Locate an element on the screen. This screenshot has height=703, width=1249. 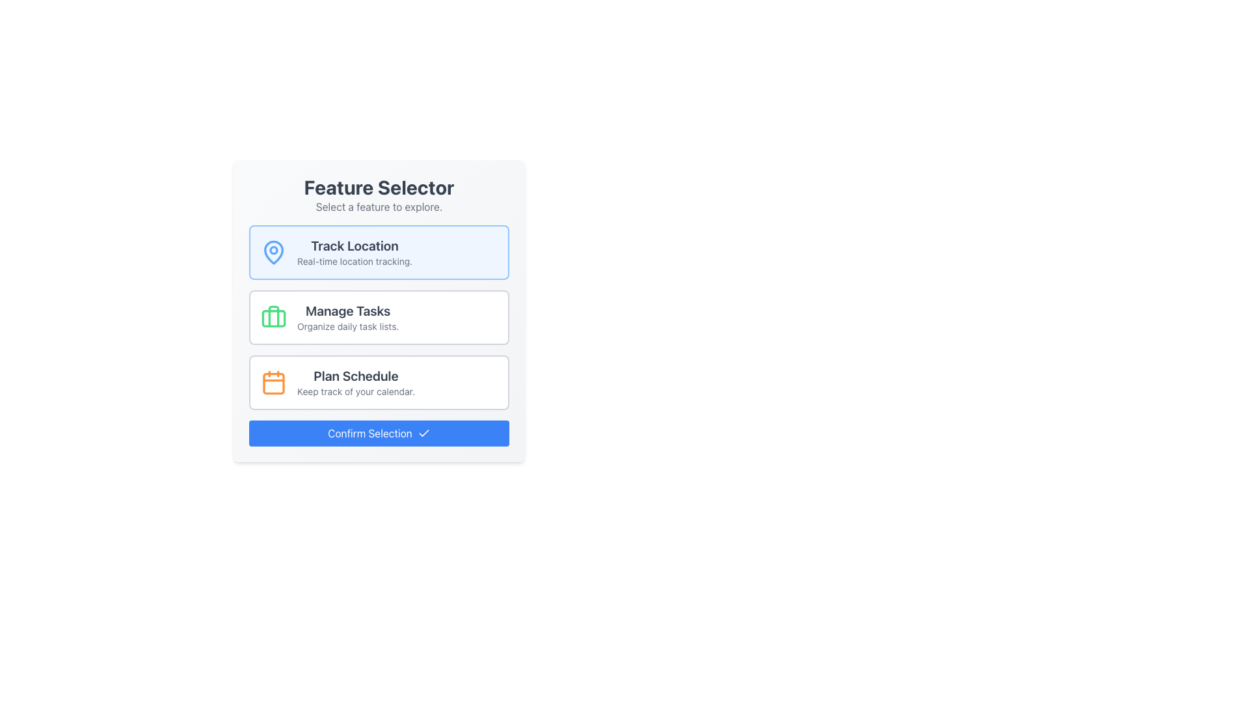
the text label that describes the 'Manage Tasks' functionality, which is positioned between 'Track Location' and 'Plan Schedule' in the feature selection options is located at coordinates (348, 318).